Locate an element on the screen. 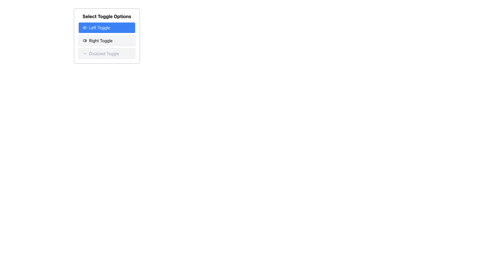 This screenshot has height=280, width=497. the visual state of the toggle switch icon located inside the blue button labeled 'Left Toggle' in the 'Select Toggle Options' group is located at coordinates (85, 28).